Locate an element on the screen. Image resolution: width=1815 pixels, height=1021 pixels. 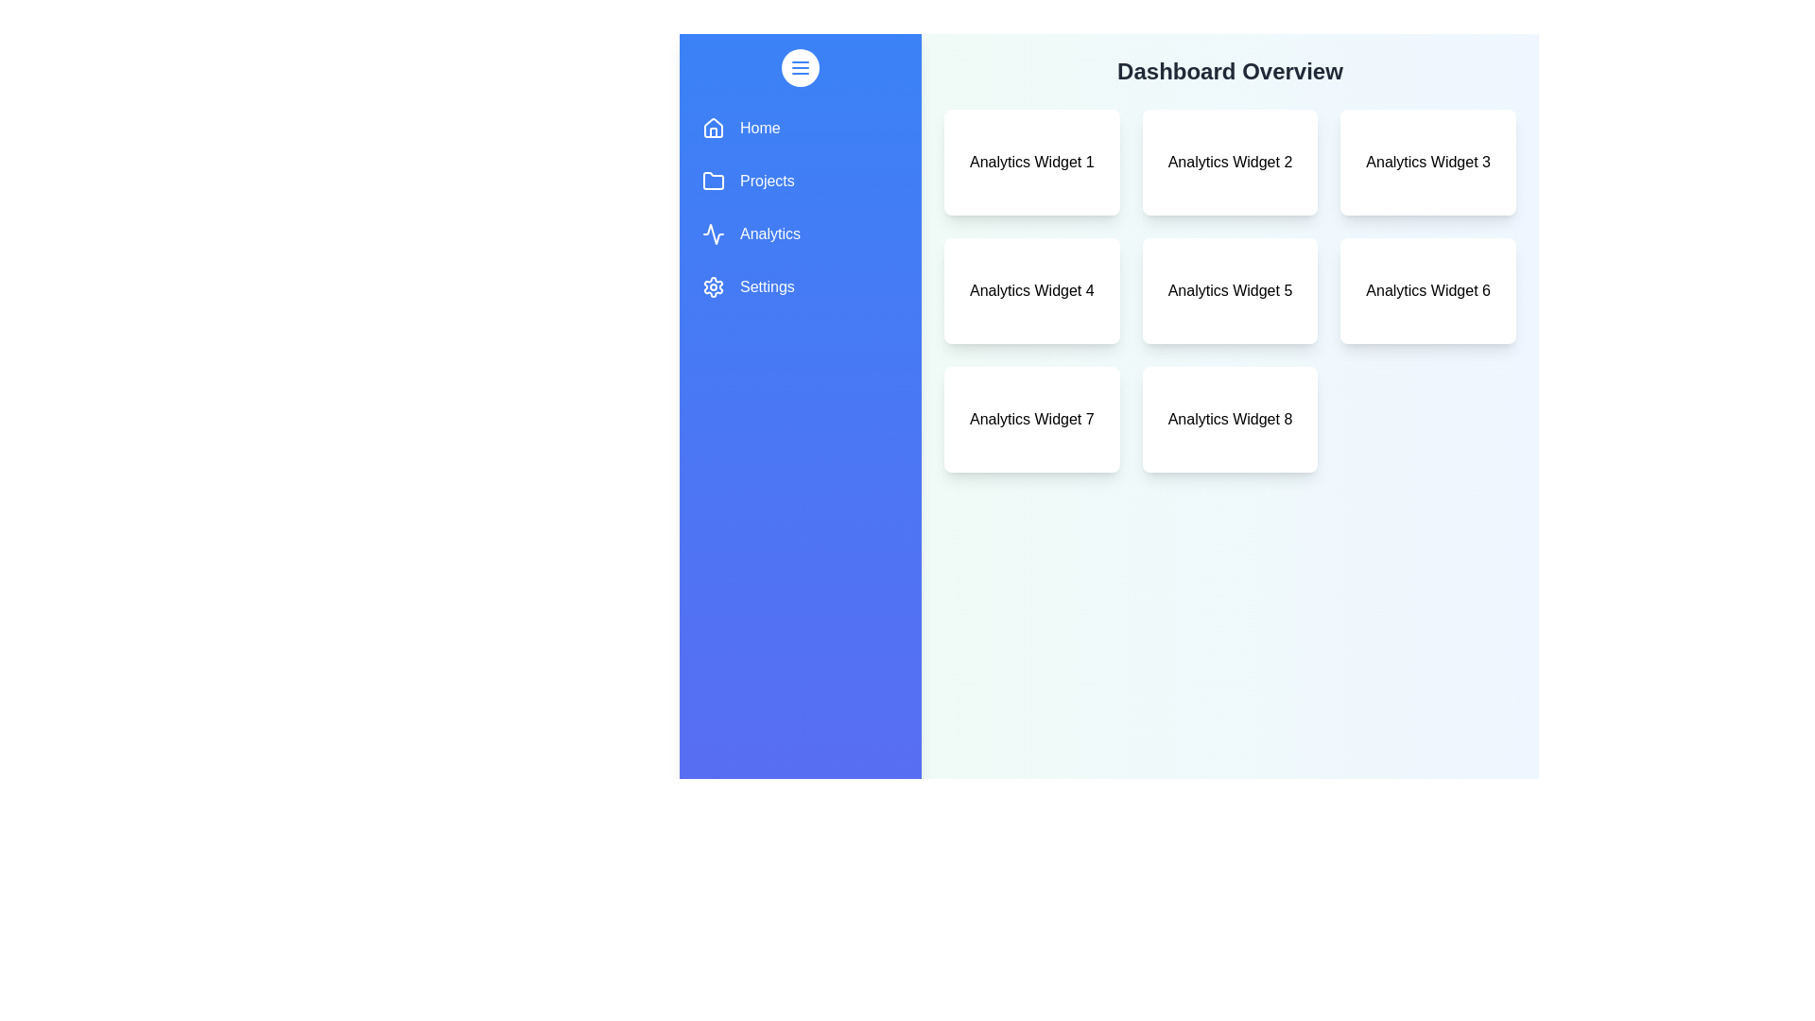
the menu item Projects to observe the hover effect is located at coordinates (800, 182).